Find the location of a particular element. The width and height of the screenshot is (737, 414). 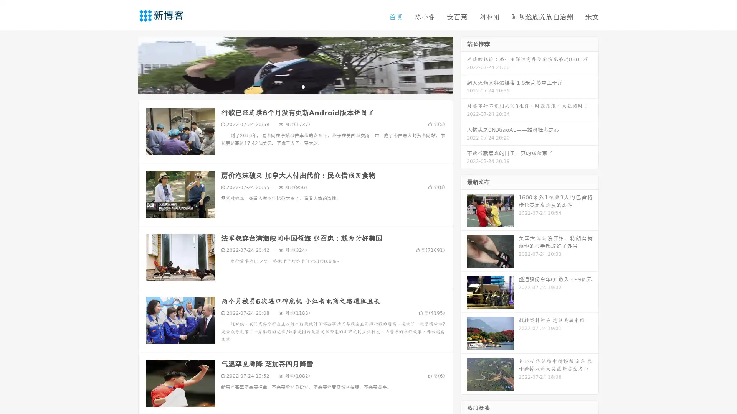

Go to slide 3 is located at coordinates (303, 86).